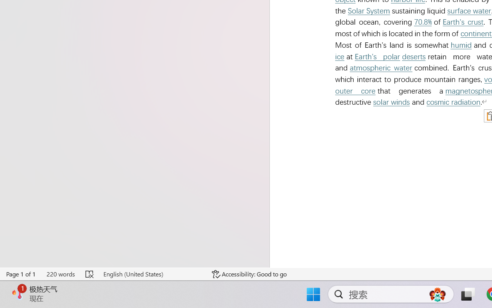 The height and width of the screenshot is (308, 492). What do you see at coordinates (377, 57) in the screenshot?
I see `'Earth'` at bounding box center [377, 57].